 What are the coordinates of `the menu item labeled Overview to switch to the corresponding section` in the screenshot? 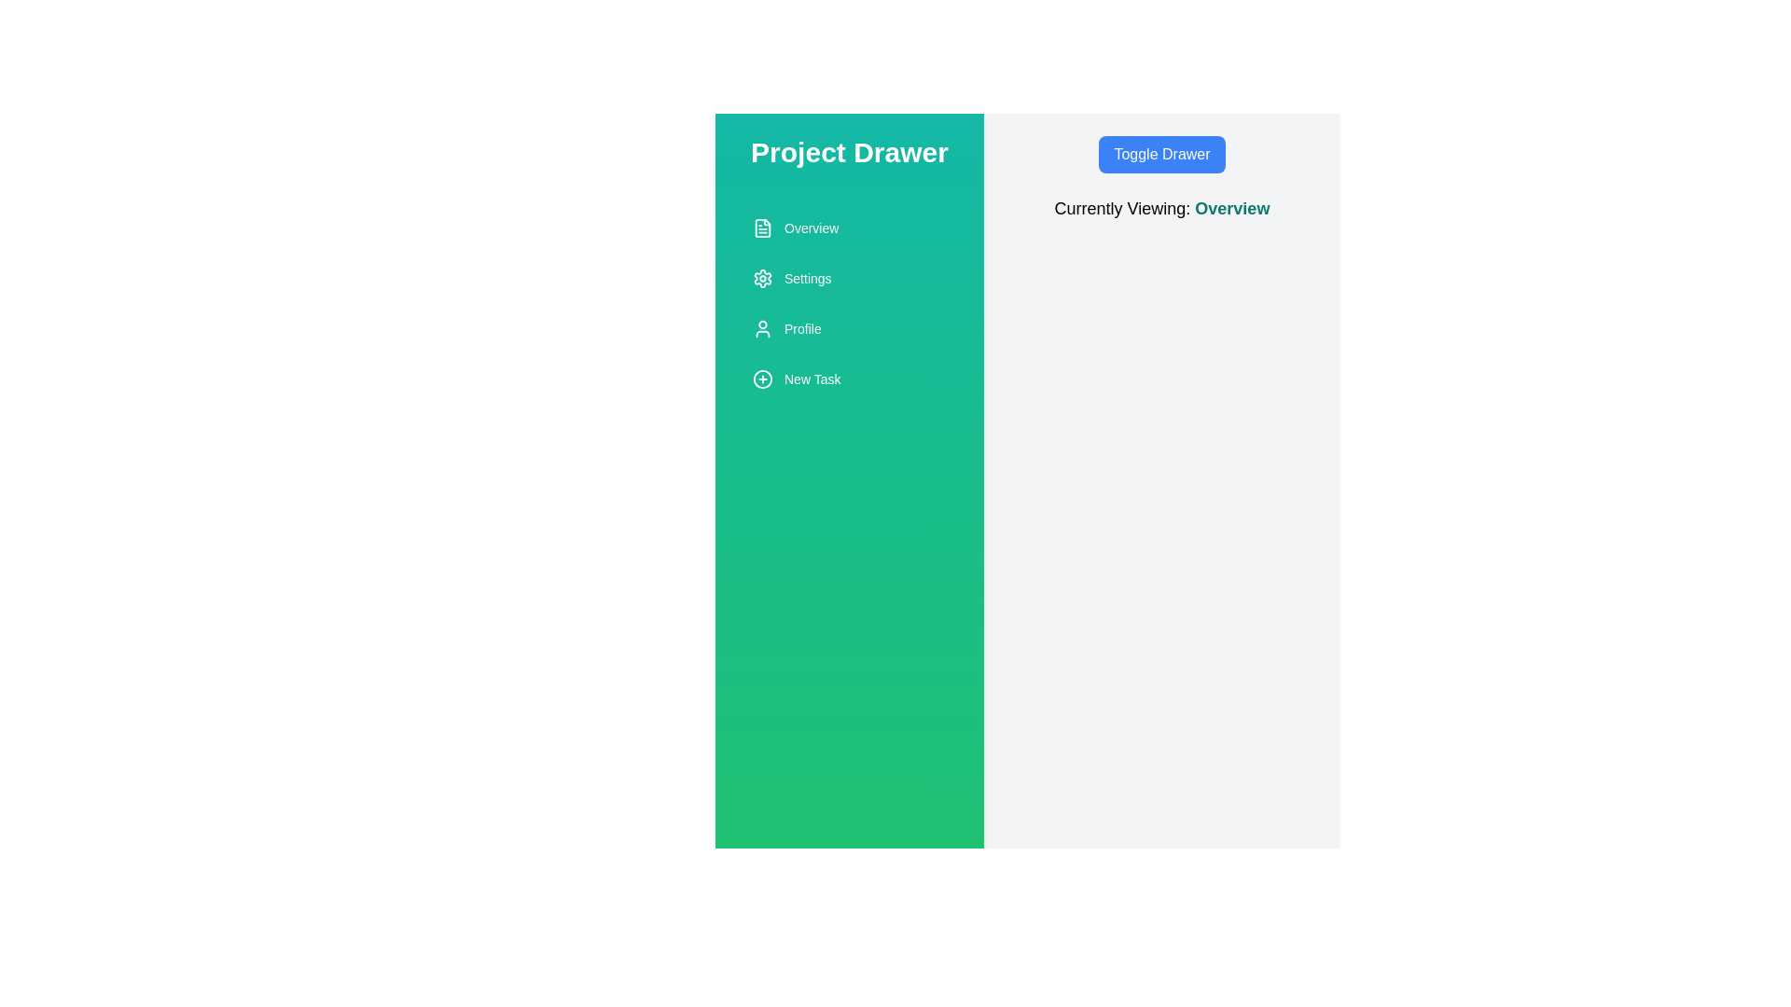 It's located at (849, 228).